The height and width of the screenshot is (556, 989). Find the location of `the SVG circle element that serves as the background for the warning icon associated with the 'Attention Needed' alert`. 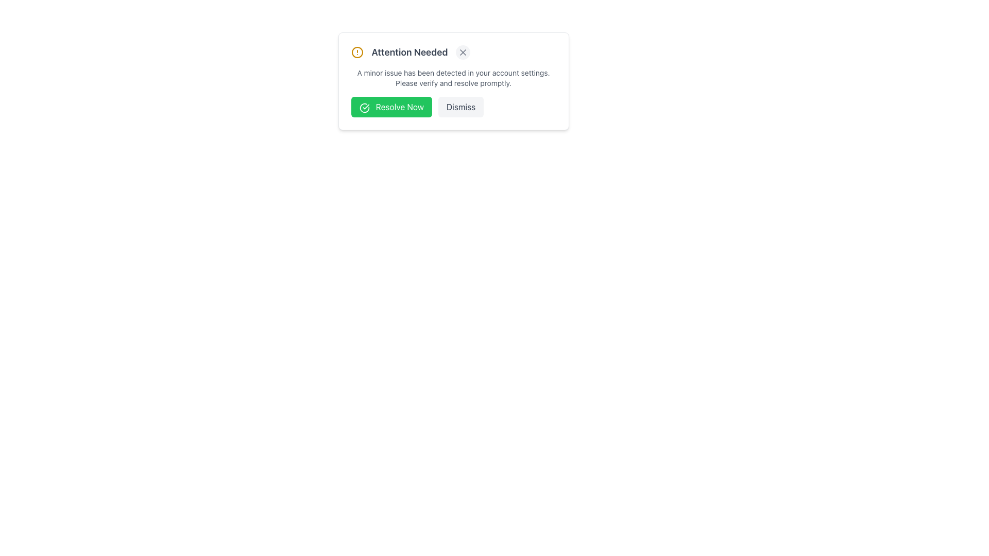

the SVG circle element that serves as the background for the warning icon associated with the 'Attention Needed' alert is located at coordinates (357, 52).